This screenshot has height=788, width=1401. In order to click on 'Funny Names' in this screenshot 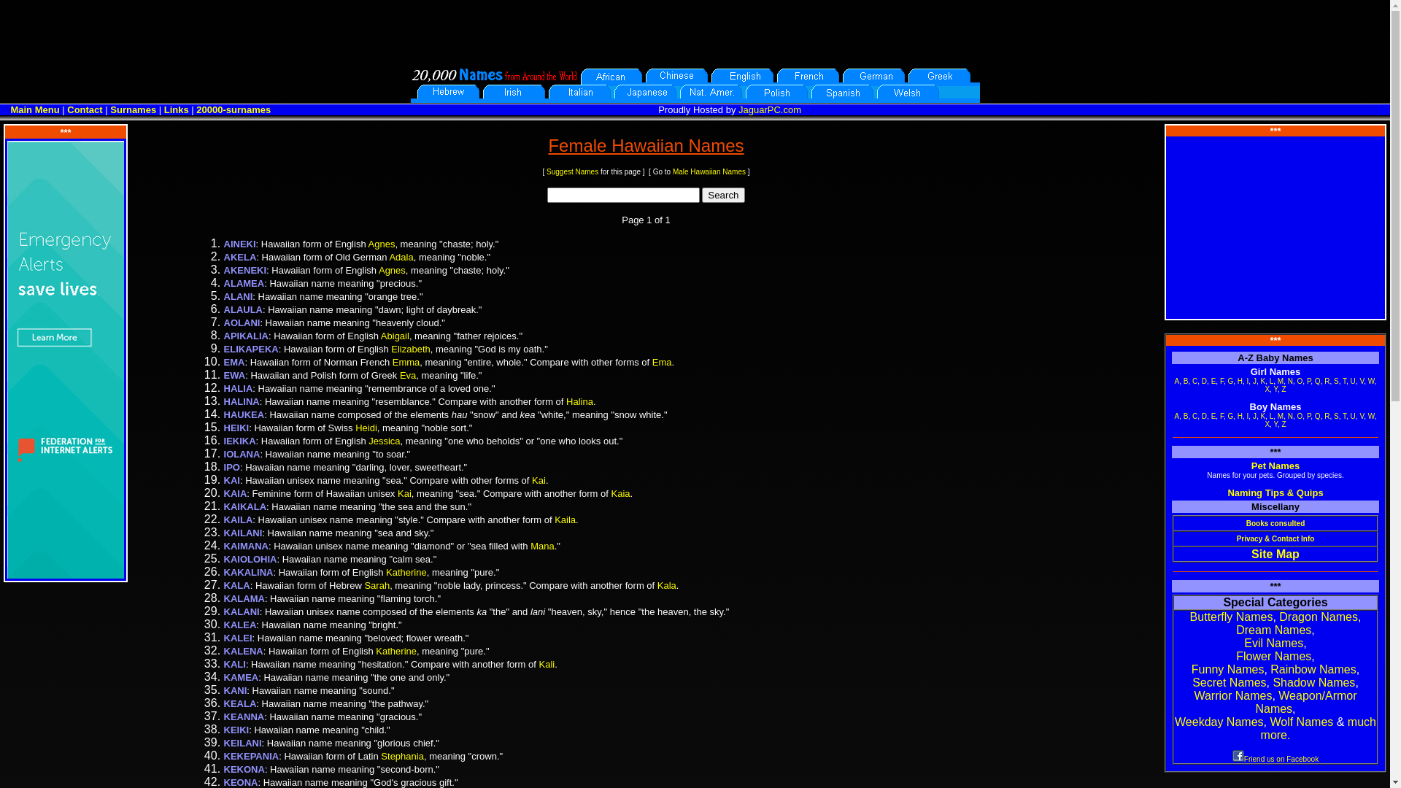, I will do `click(1227, 669)`.